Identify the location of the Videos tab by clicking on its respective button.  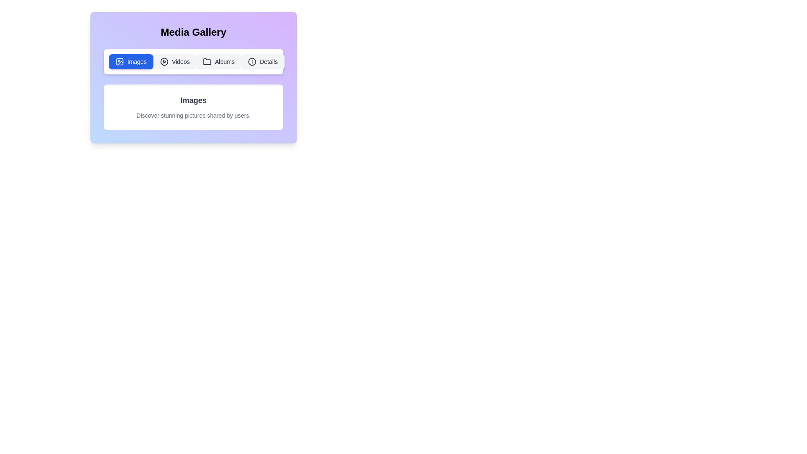
(174, 61).